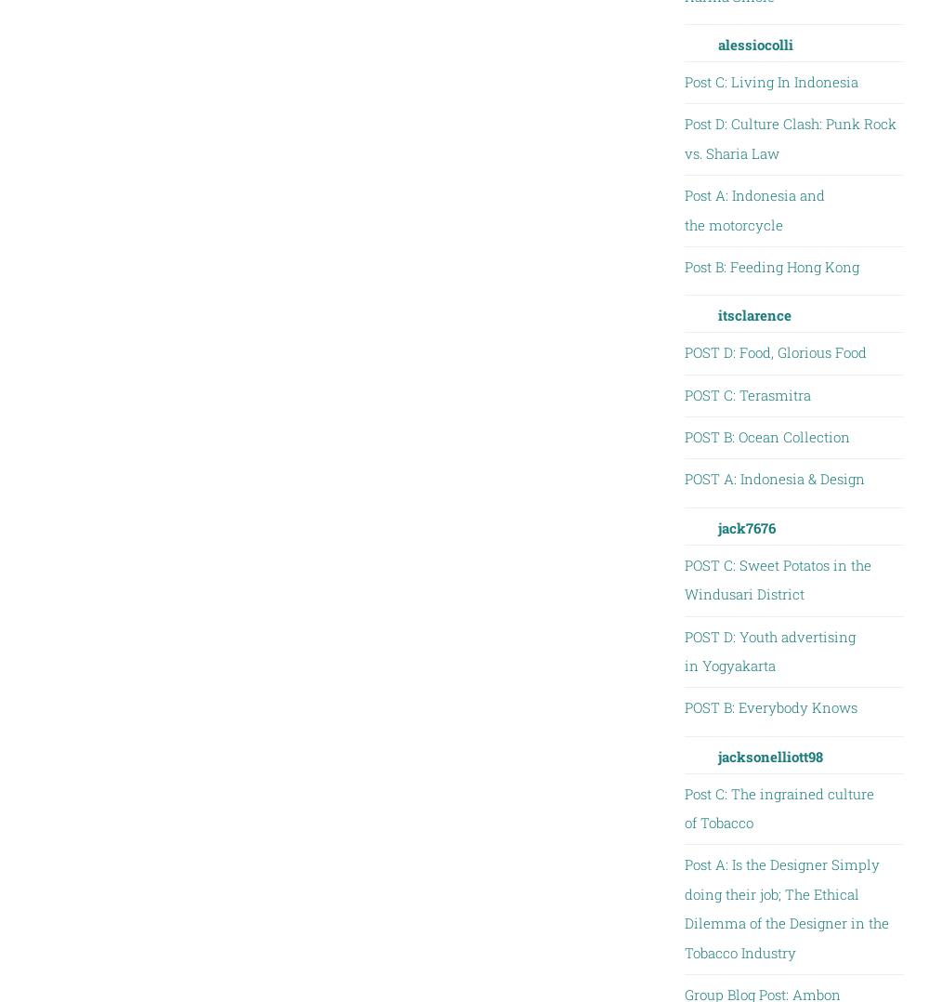 This screenshot has width=929, height=1002. What do you see at coordinates (778, 806) in the screenshot?
I see `'Post C: The ingrained culture of Tobacco'` at bounding box center [778, 806].